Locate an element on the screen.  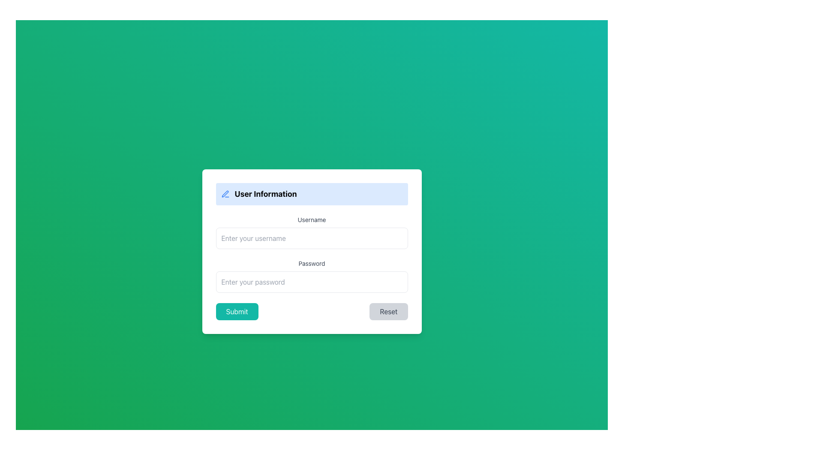
the 'Submit' button with a teal background and white text is located at coordinates (237, 311).